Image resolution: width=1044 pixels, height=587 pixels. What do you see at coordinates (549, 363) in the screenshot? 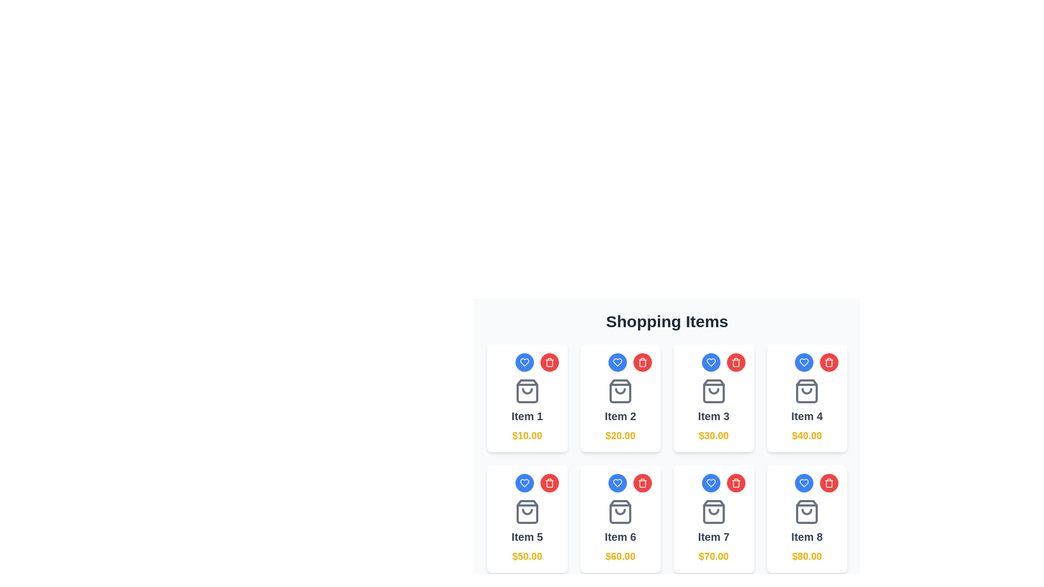
I see `the red circular icon button in the top-right corner of the item card` at bounding box center [549, 363].